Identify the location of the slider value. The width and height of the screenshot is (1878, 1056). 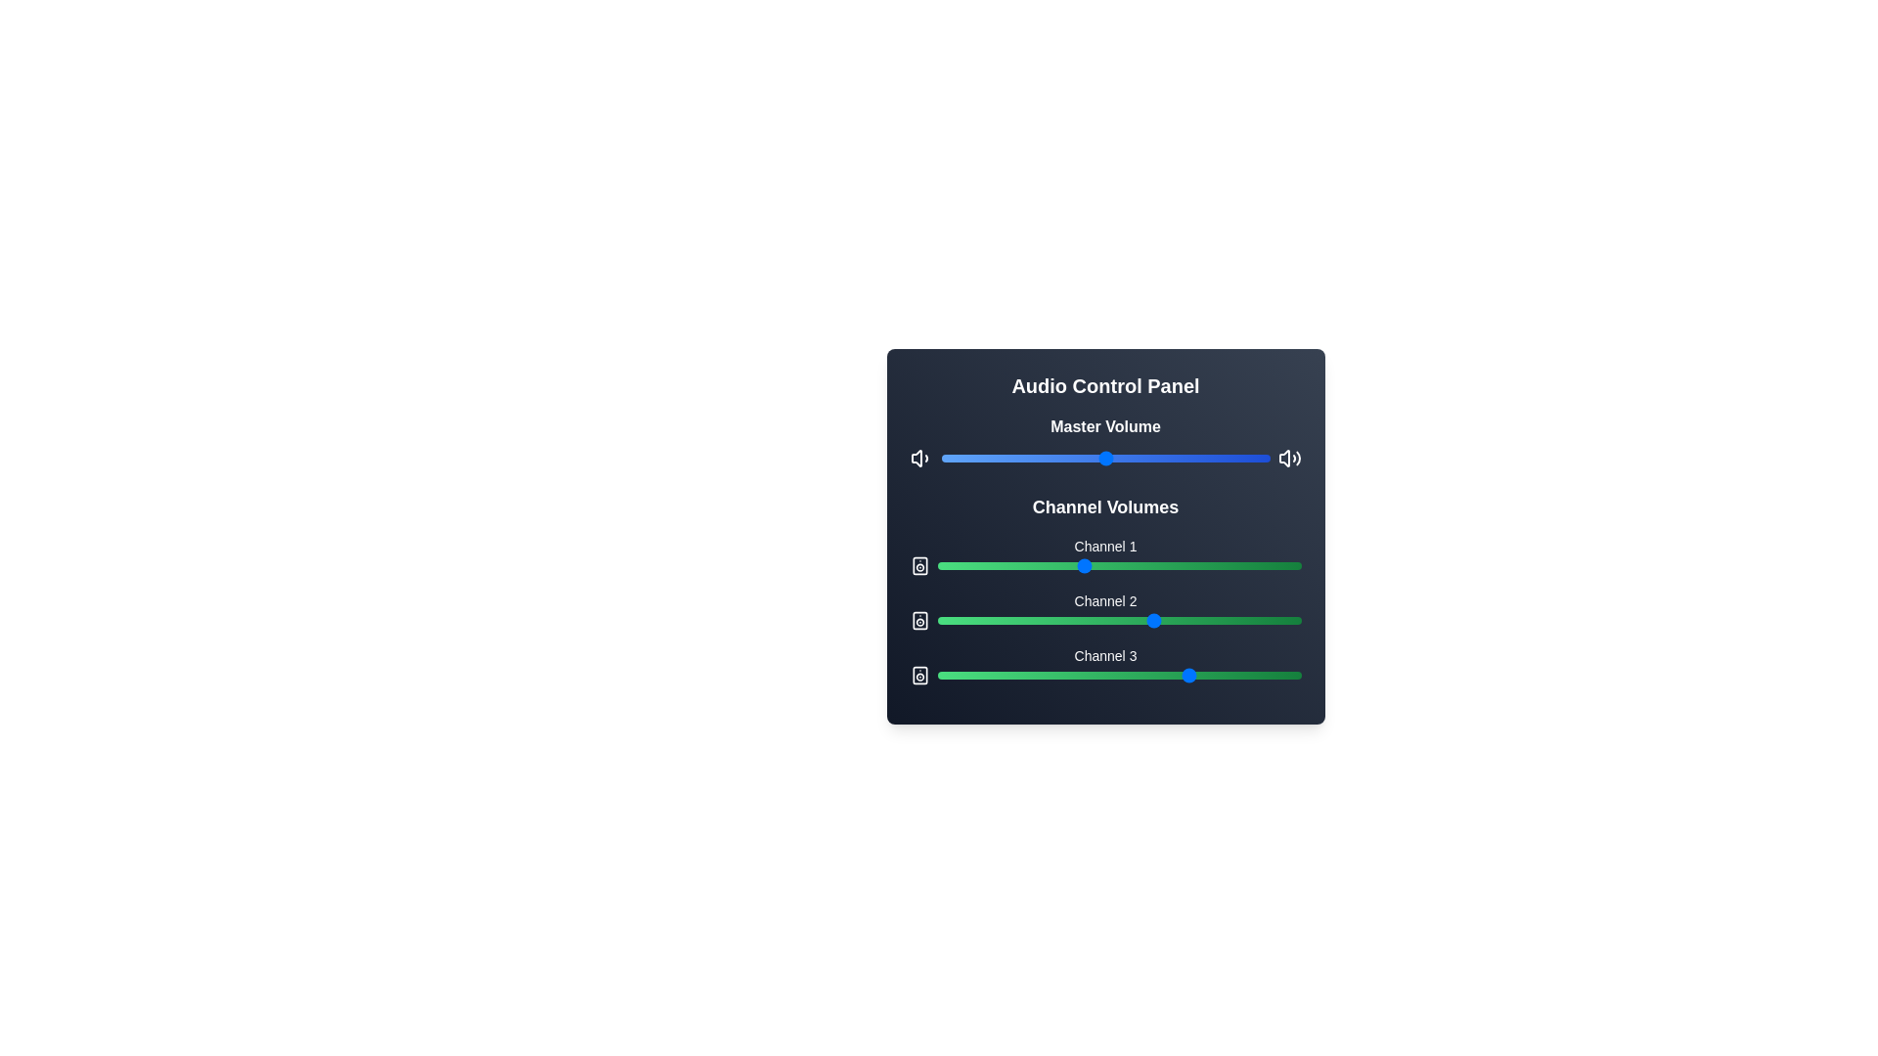
(1155, 565).